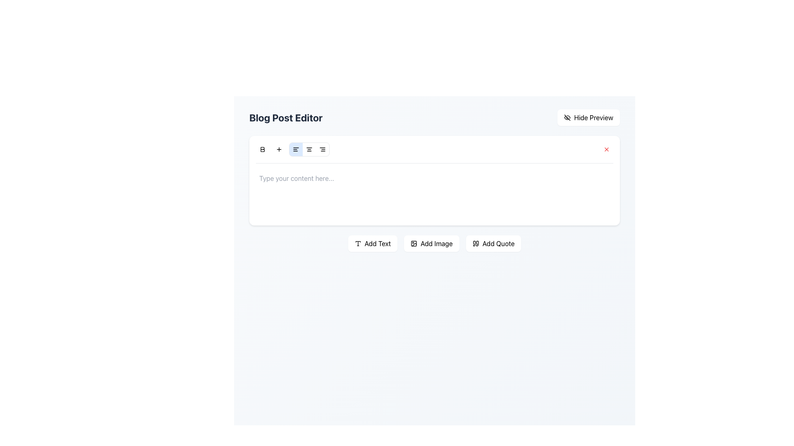  Describe the element at coordinates (607, 149) in the screenshot. I see `the close button represented by a small circular icon with an 'X' mark at the upper-right corner of the input field titled 'Type your content here...'` at that location.